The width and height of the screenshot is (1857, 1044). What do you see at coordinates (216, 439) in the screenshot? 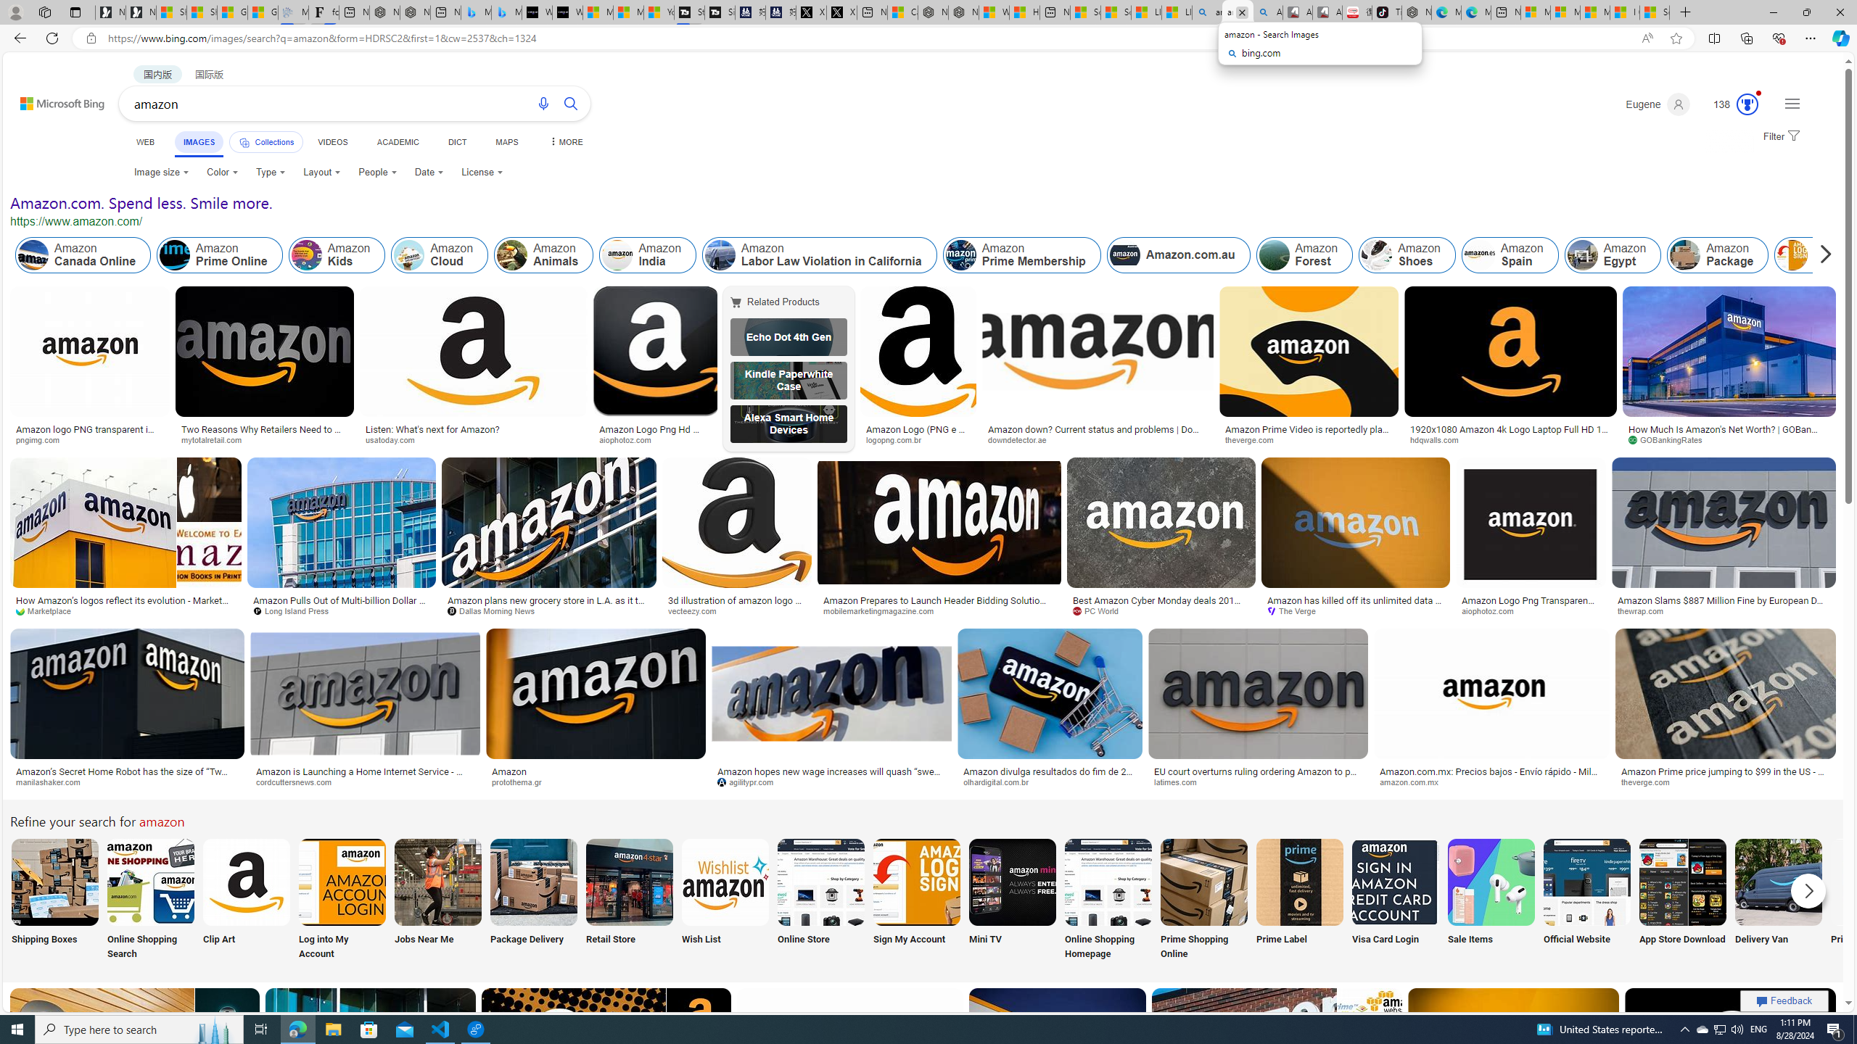
I see `'mytotalretail.com'` at bounding box center [216, 439].